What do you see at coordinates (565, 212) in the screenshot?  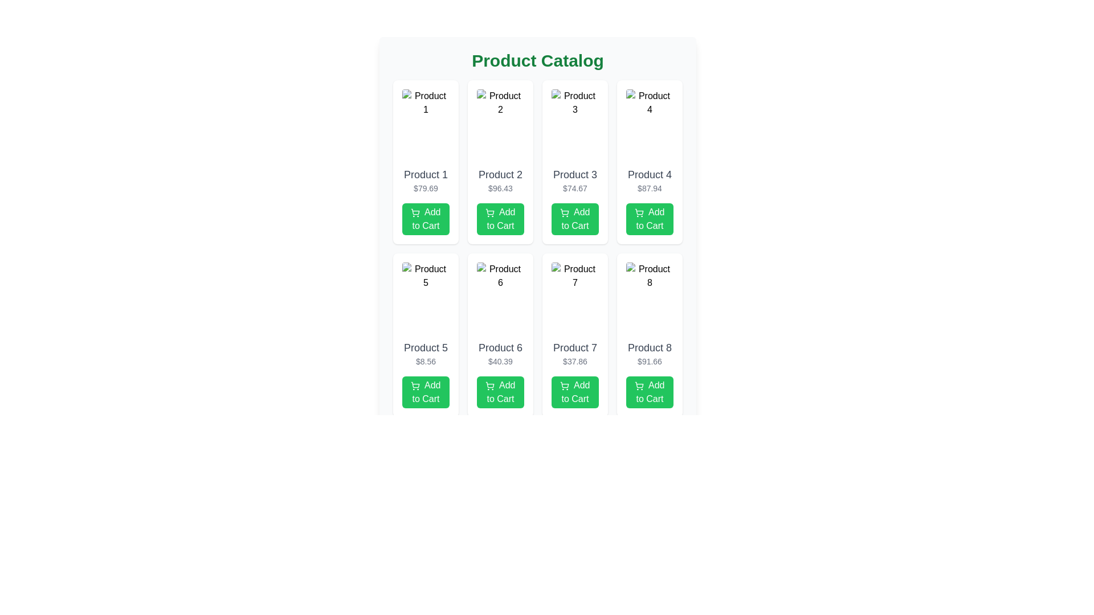 I see `the shopping cart icon within the 'Add to Cart' button for the third product in the Product Catalog for visual clarity` at bounding box center [565, 212].